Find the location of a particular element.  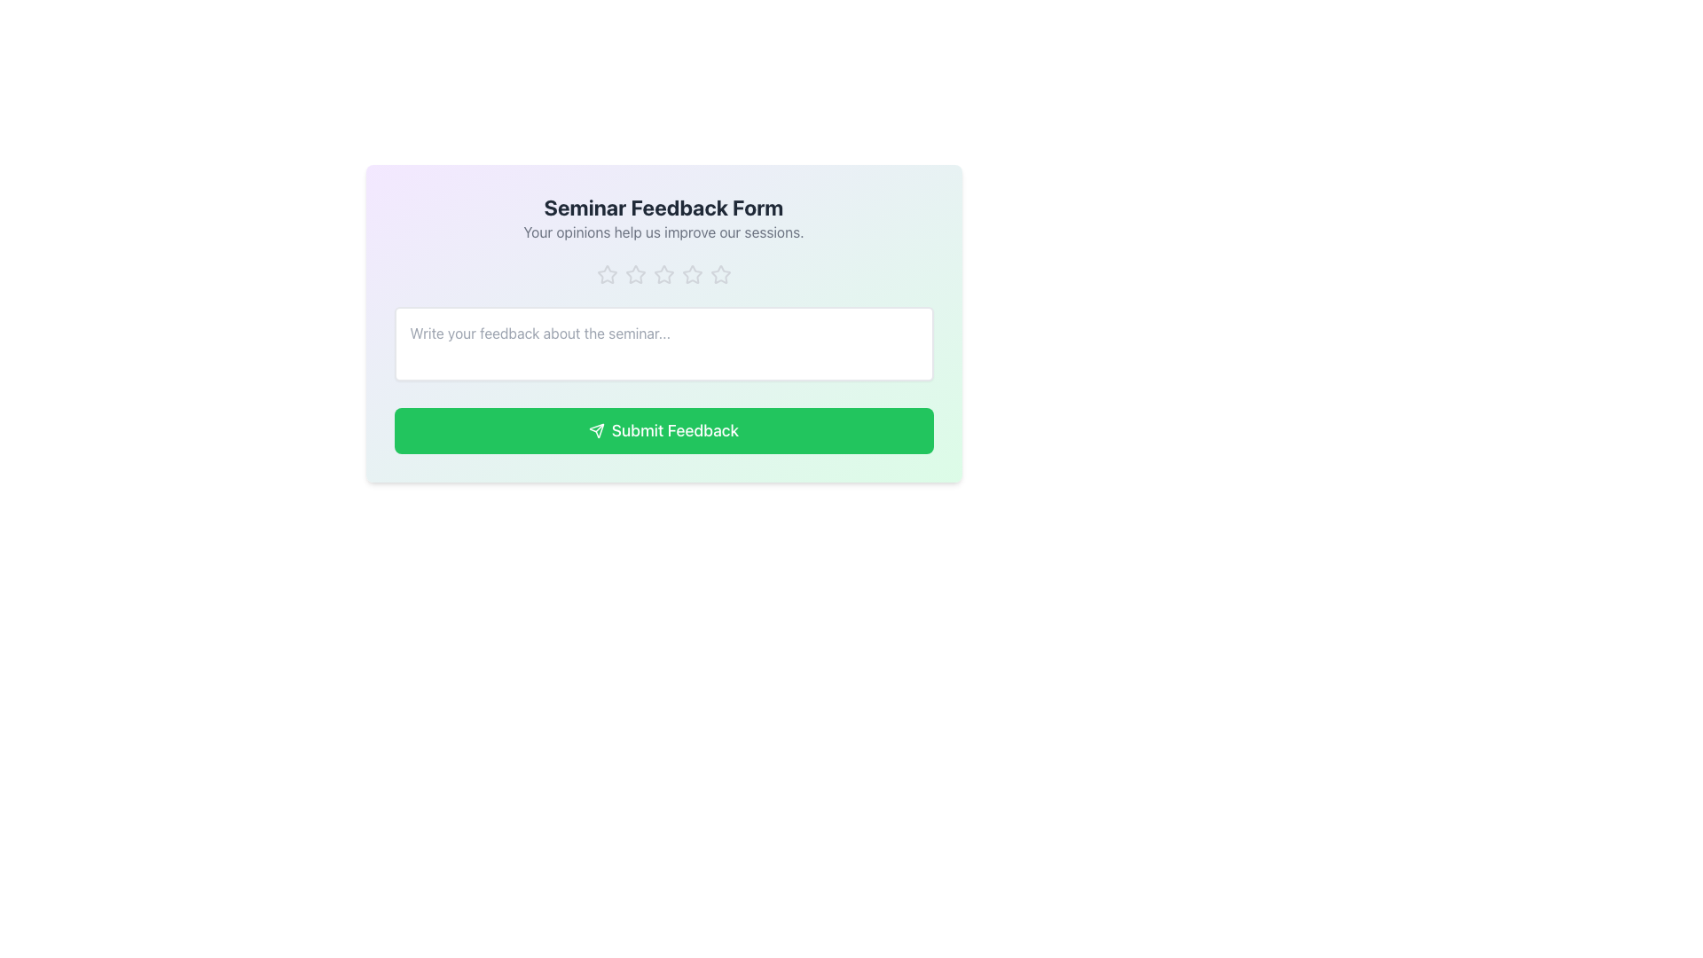

the fifth star-shaped icon of the interactive star rating component for keyboard interaction is located at coordinates (720, 274).